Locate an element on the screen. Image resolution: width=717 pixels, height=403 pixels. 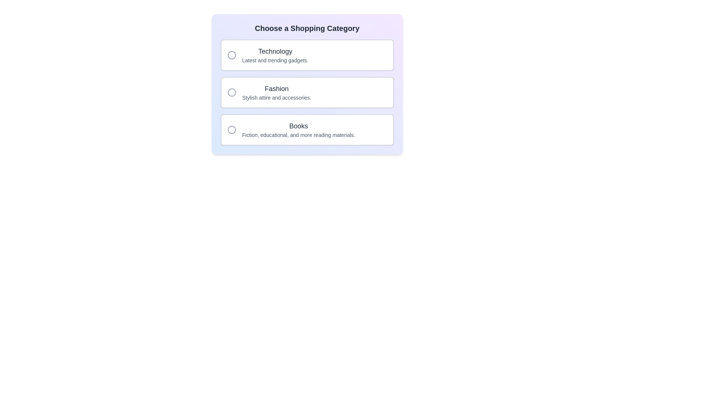
the 'Books' icon is located at coordinates (231, 129).